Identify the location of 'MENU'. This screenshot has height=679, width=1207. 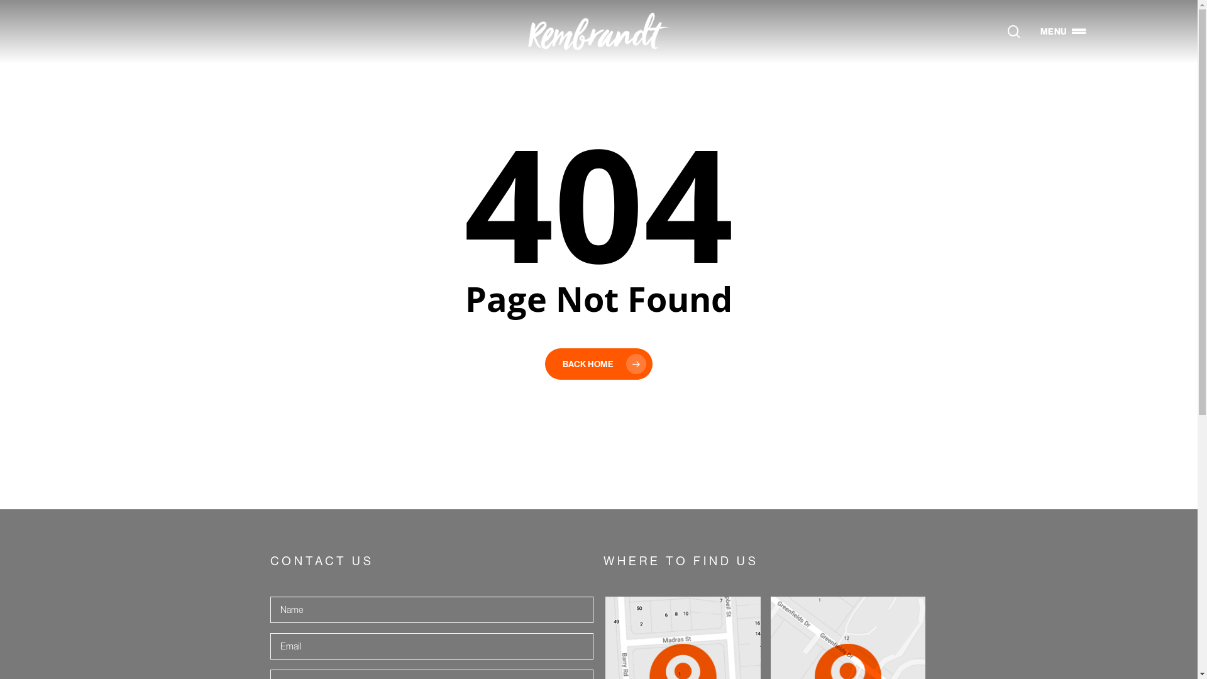
(1061, 31).